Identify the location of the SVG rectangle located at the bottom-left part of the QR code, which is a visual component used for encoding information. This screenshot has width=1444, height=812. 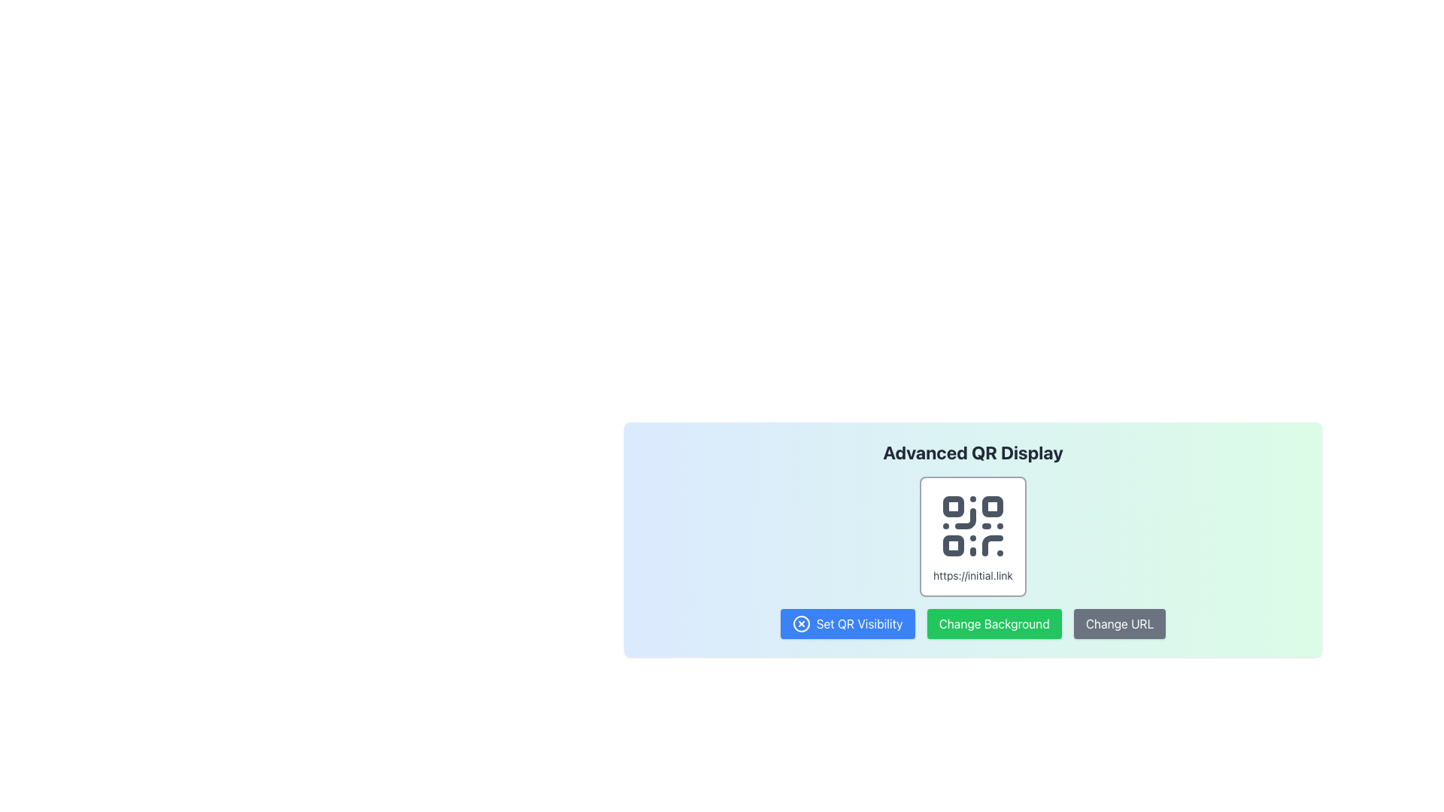
(952, 545).